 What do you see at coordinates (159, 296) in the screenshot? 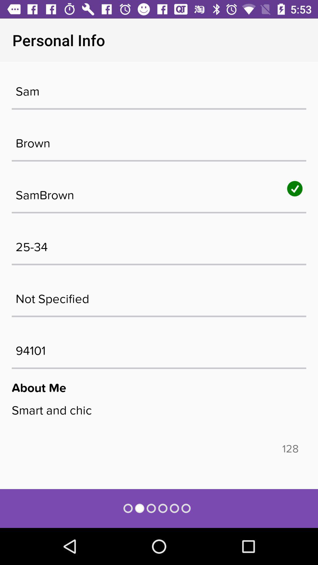
I see `the not specified` at bounding box center [159, 296].